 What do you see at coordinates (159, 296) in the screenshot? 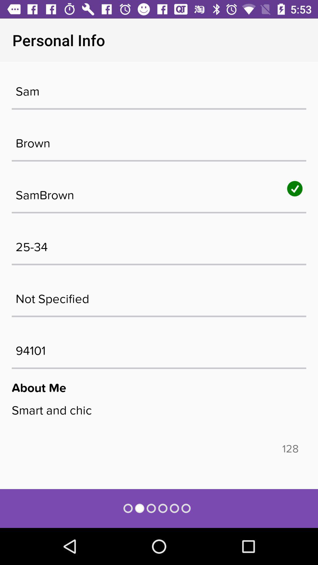
I see `the not specified` at bounding box center [159, 296].